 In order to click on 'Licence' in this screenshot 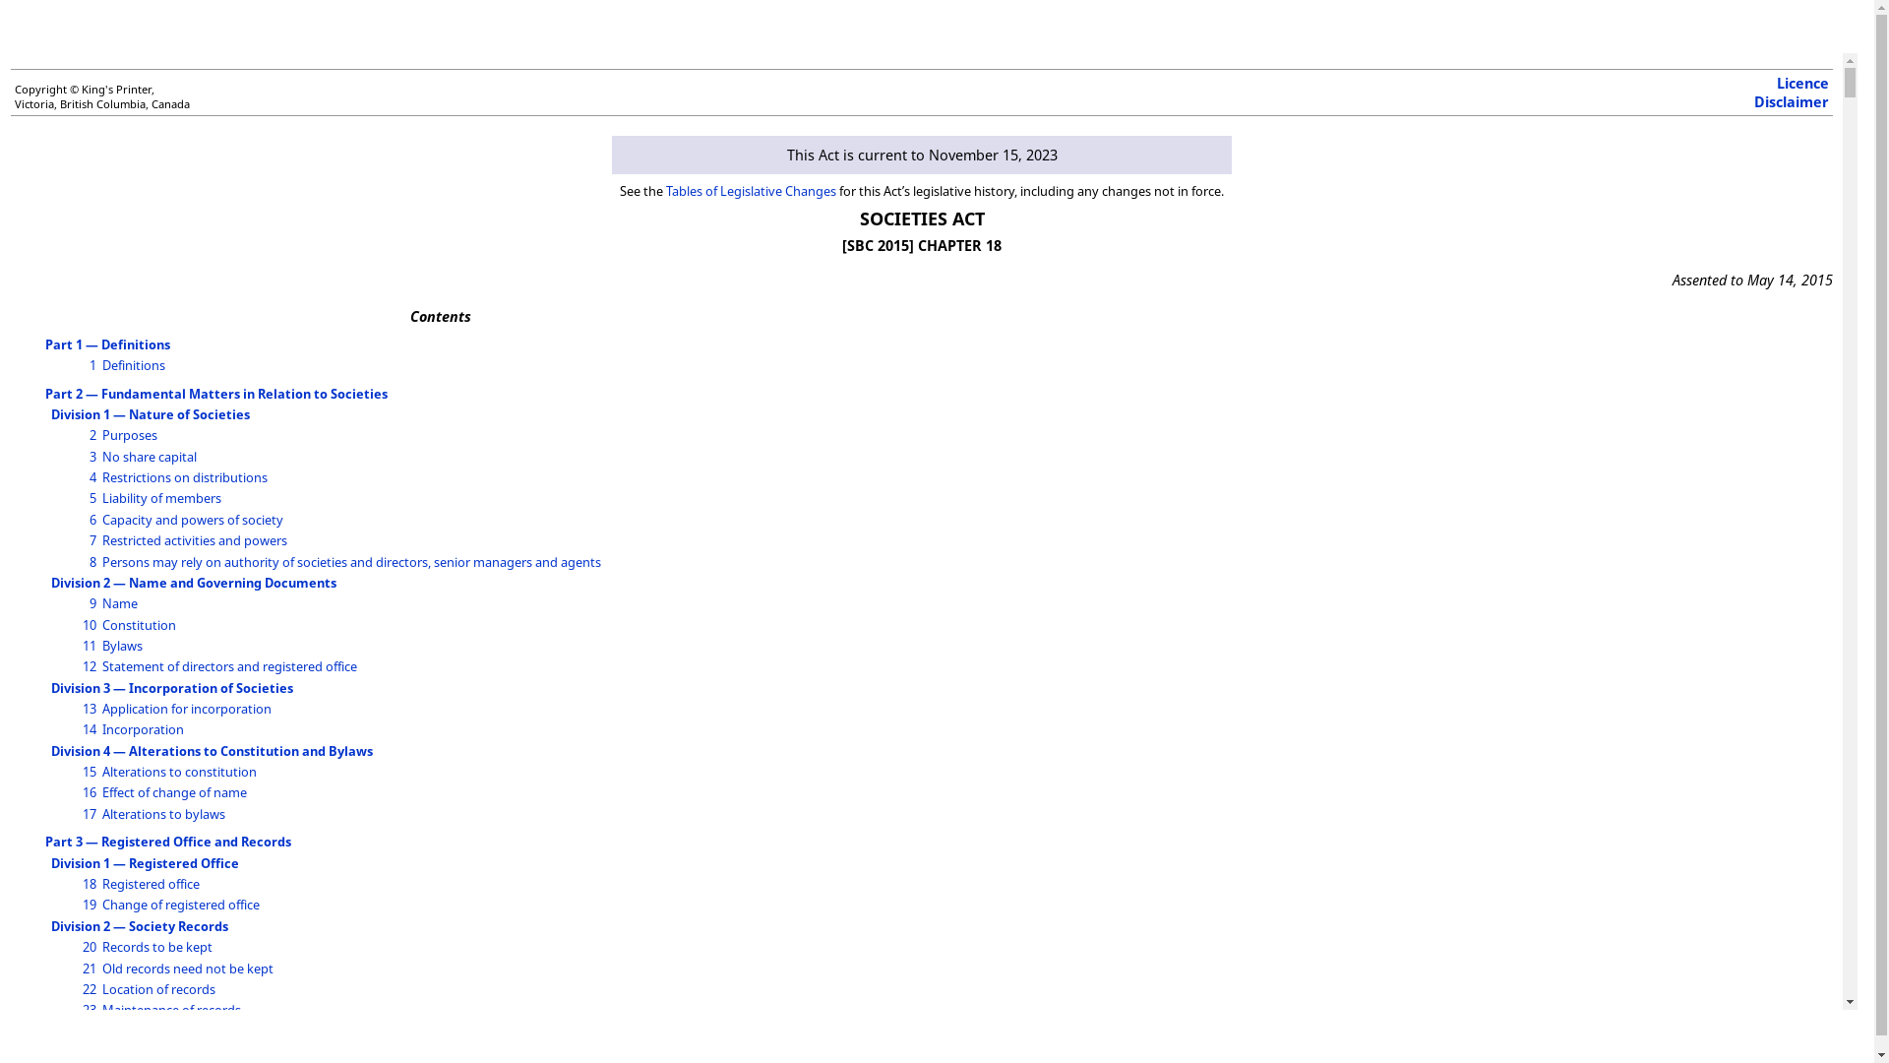, I will do `click(1802, 82)`.